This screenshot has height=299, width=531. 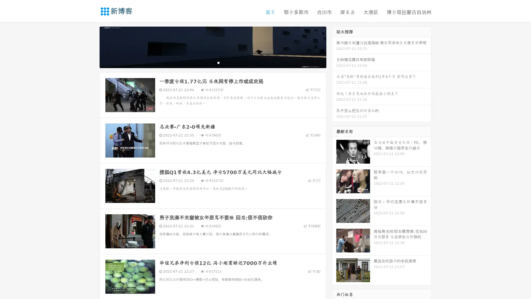 I want to click on Go to slide 1, so click(x=207, y=62).